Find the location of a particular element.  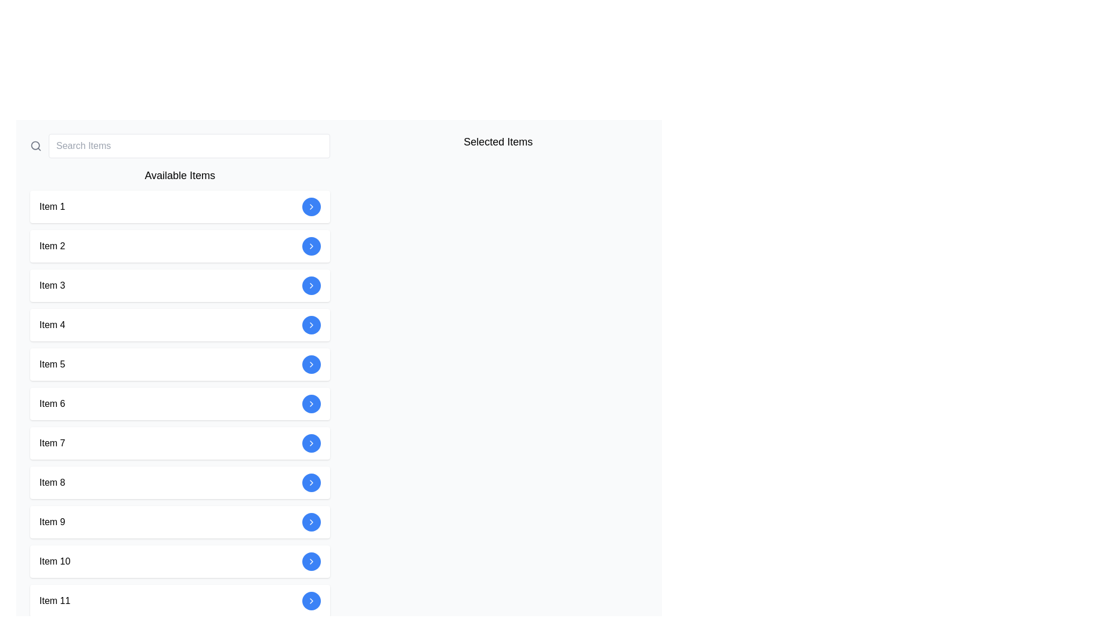

the rightward-pointing chevron icon button within the circular blue background that is the last in a vertically stacked list of buttons, corresponding to 'Item 11', to trigger the tooltip or focus effect is located at coordinates (311, 600).